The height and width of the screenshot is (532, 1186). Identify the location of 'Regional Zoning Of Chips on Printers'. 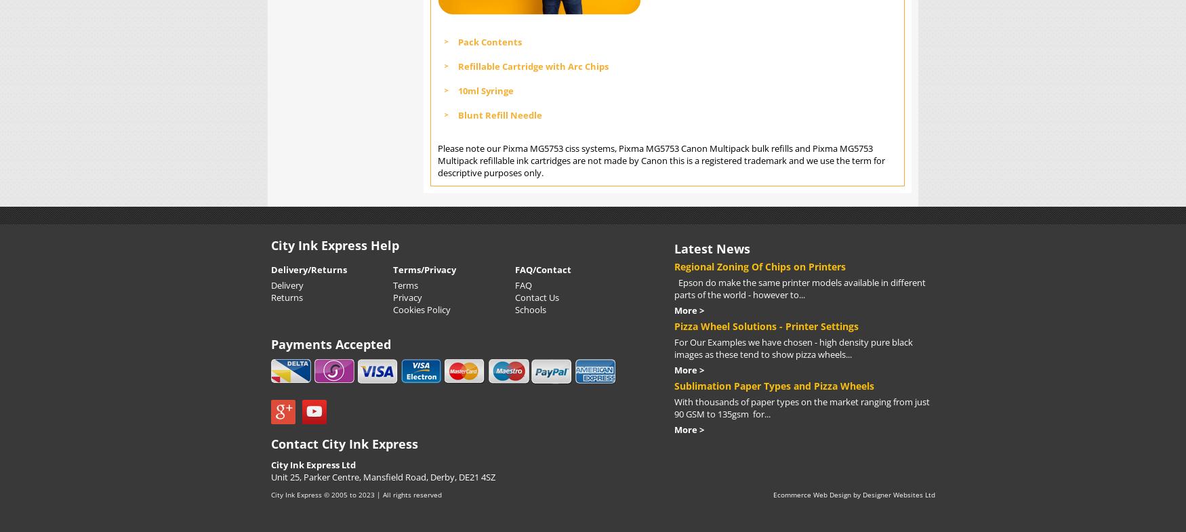
(760, 265).